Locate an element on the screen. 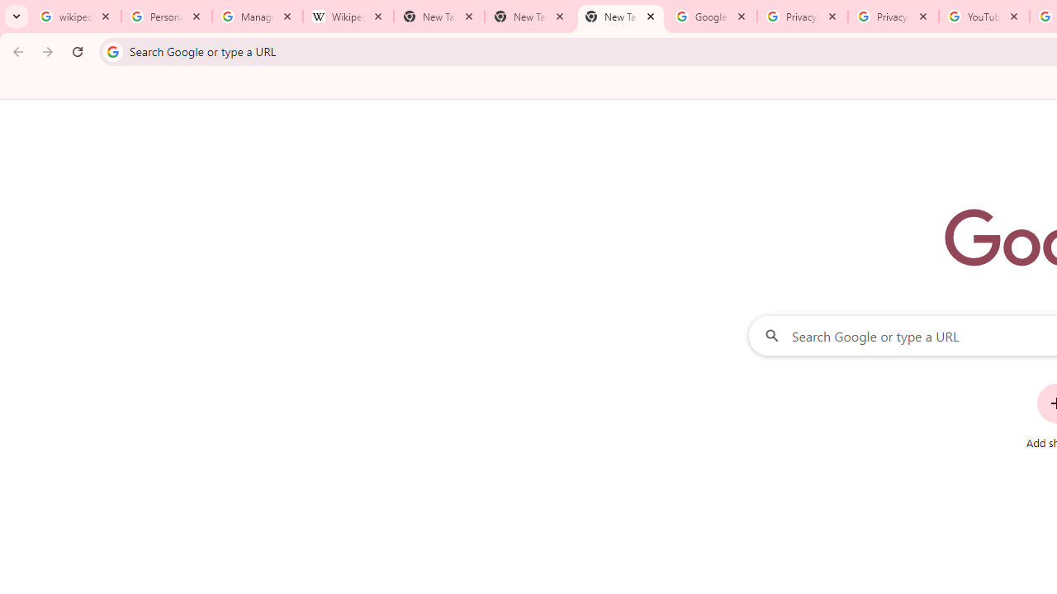 The height and width of the screenshot is (594, 1057). 'Wikipedia:Edit requests - Wikipedia' is located at coordinates (348, 16).